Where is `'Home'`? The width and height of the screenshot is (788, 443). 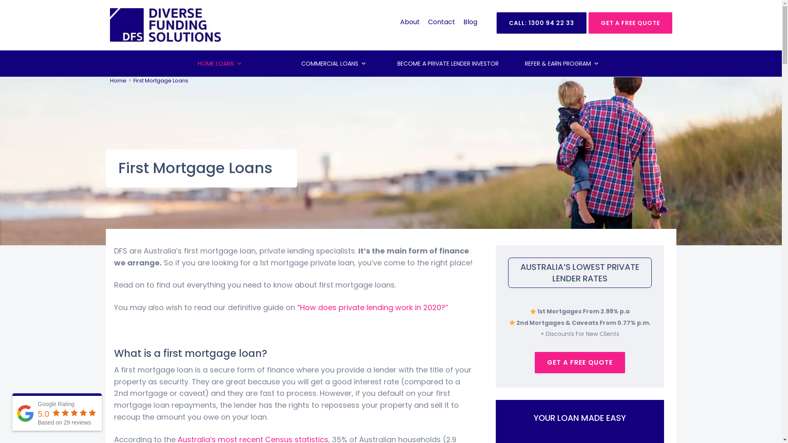
'Home' is located at coordinates (118, 80).